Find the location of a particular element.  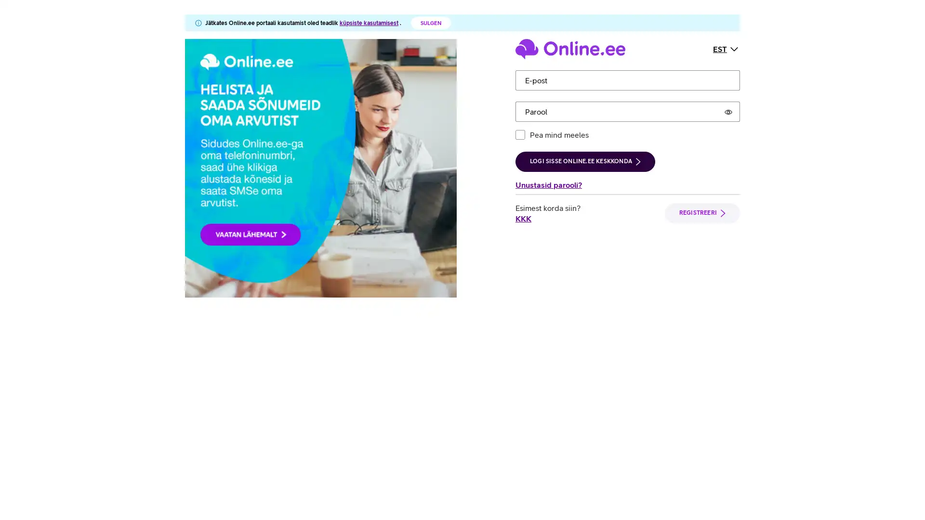

SULGEN is located at coordinates (430, 22).